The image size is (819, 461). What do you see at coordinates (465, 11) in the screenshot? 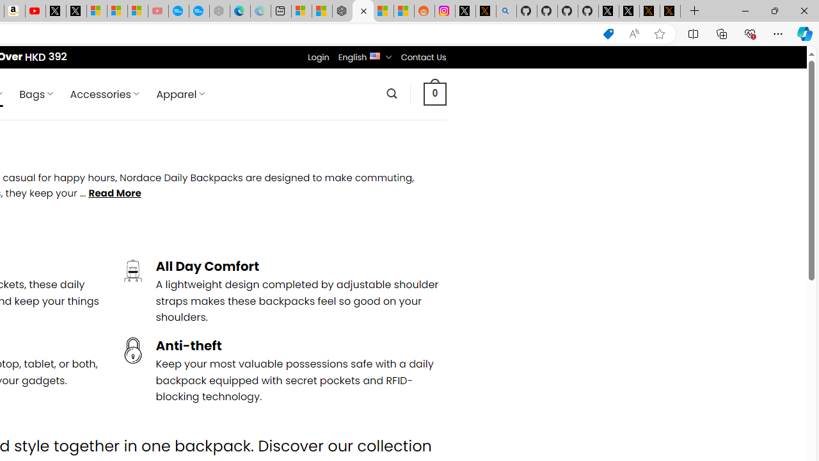
I see `'Log in to X / X'` at bounding box center [465, 11].